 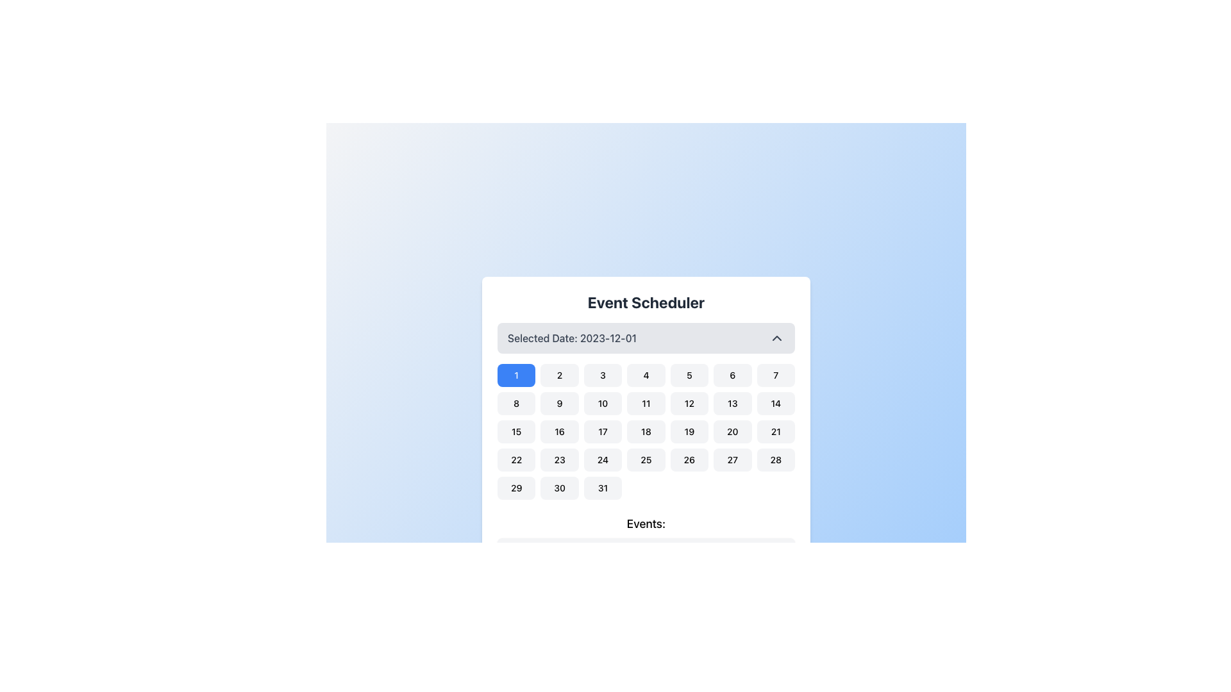 What do you see at coordinates (516, 432) in the screenshot?
I see `the button for the 15th day of the month in the calendar` at bounding box center [516, 432].